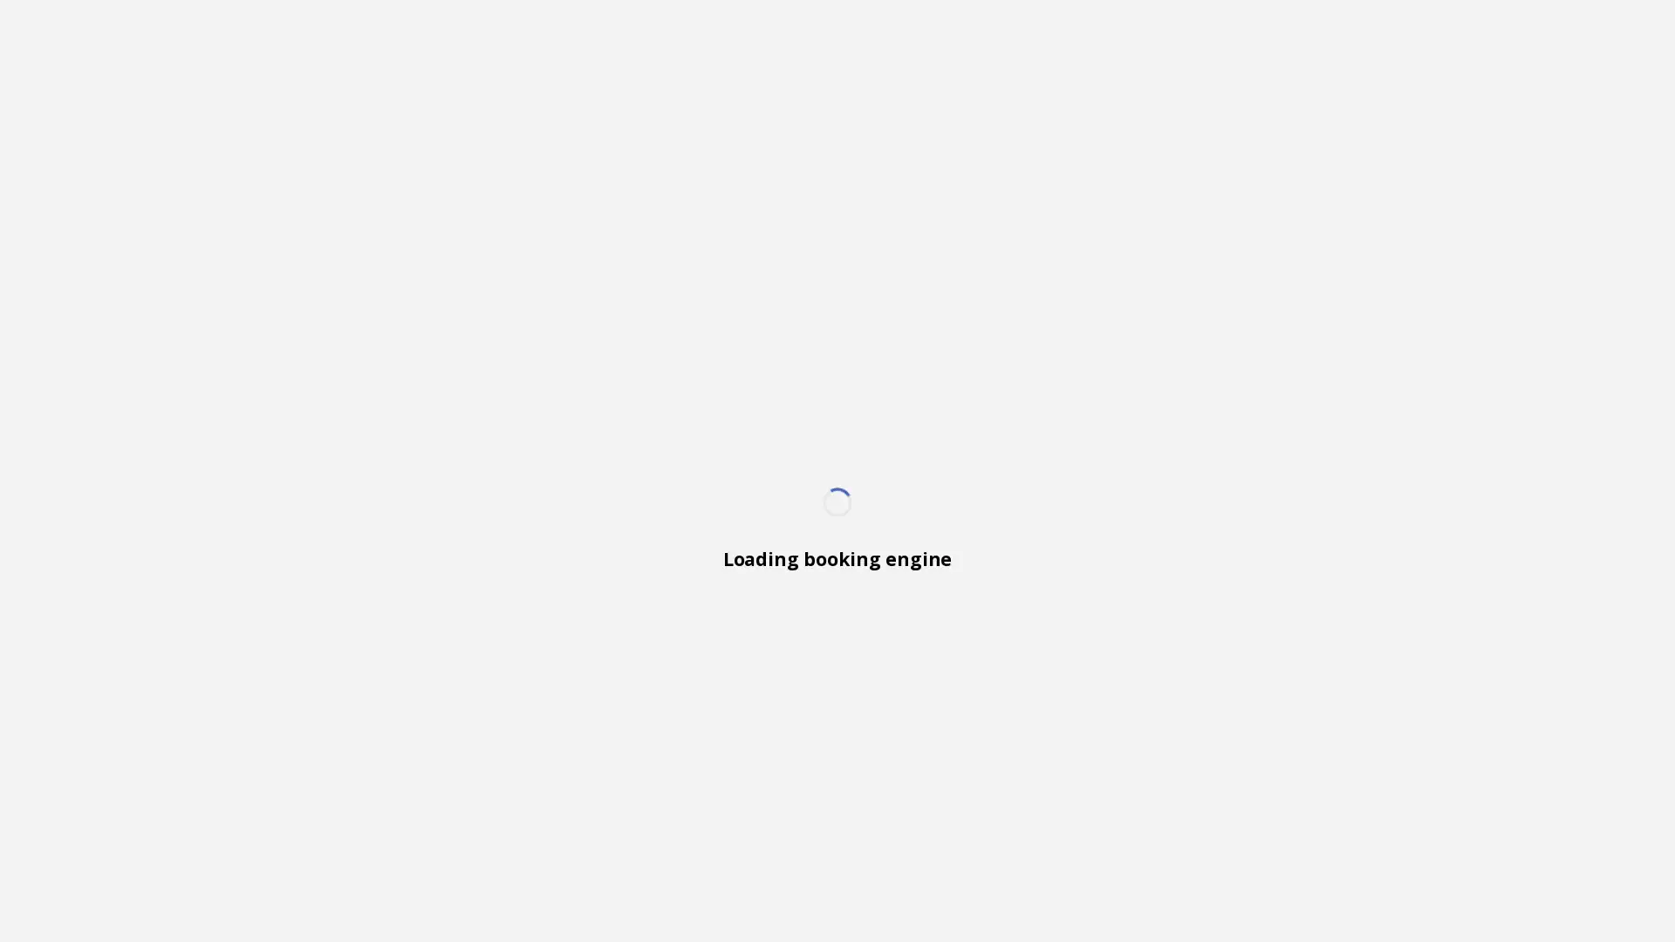  I want to click on No, adjust, so click(1572, 887).